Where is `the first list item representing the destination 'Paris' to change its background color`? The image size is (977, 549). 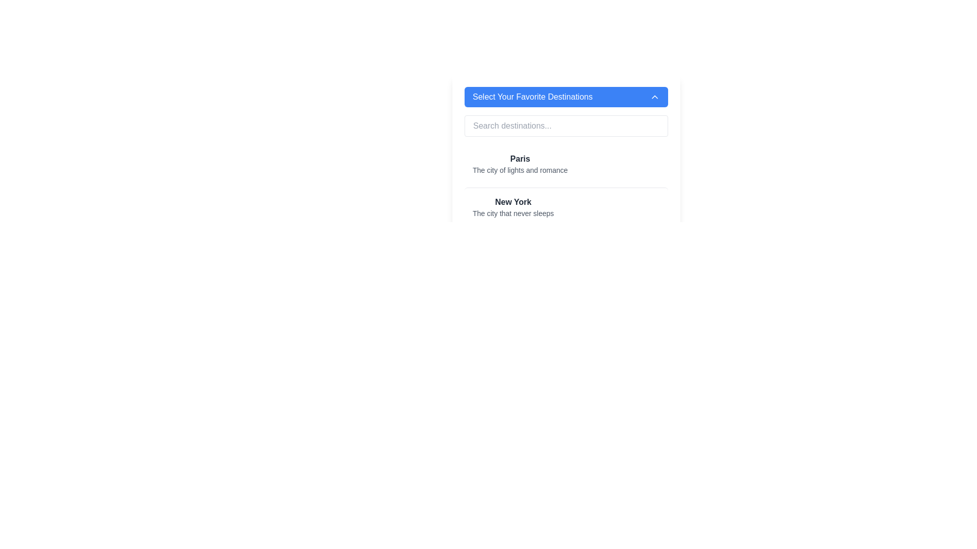
the first list item representing the destination 'Paris' to change its background color is located at coordinates (566, 164).